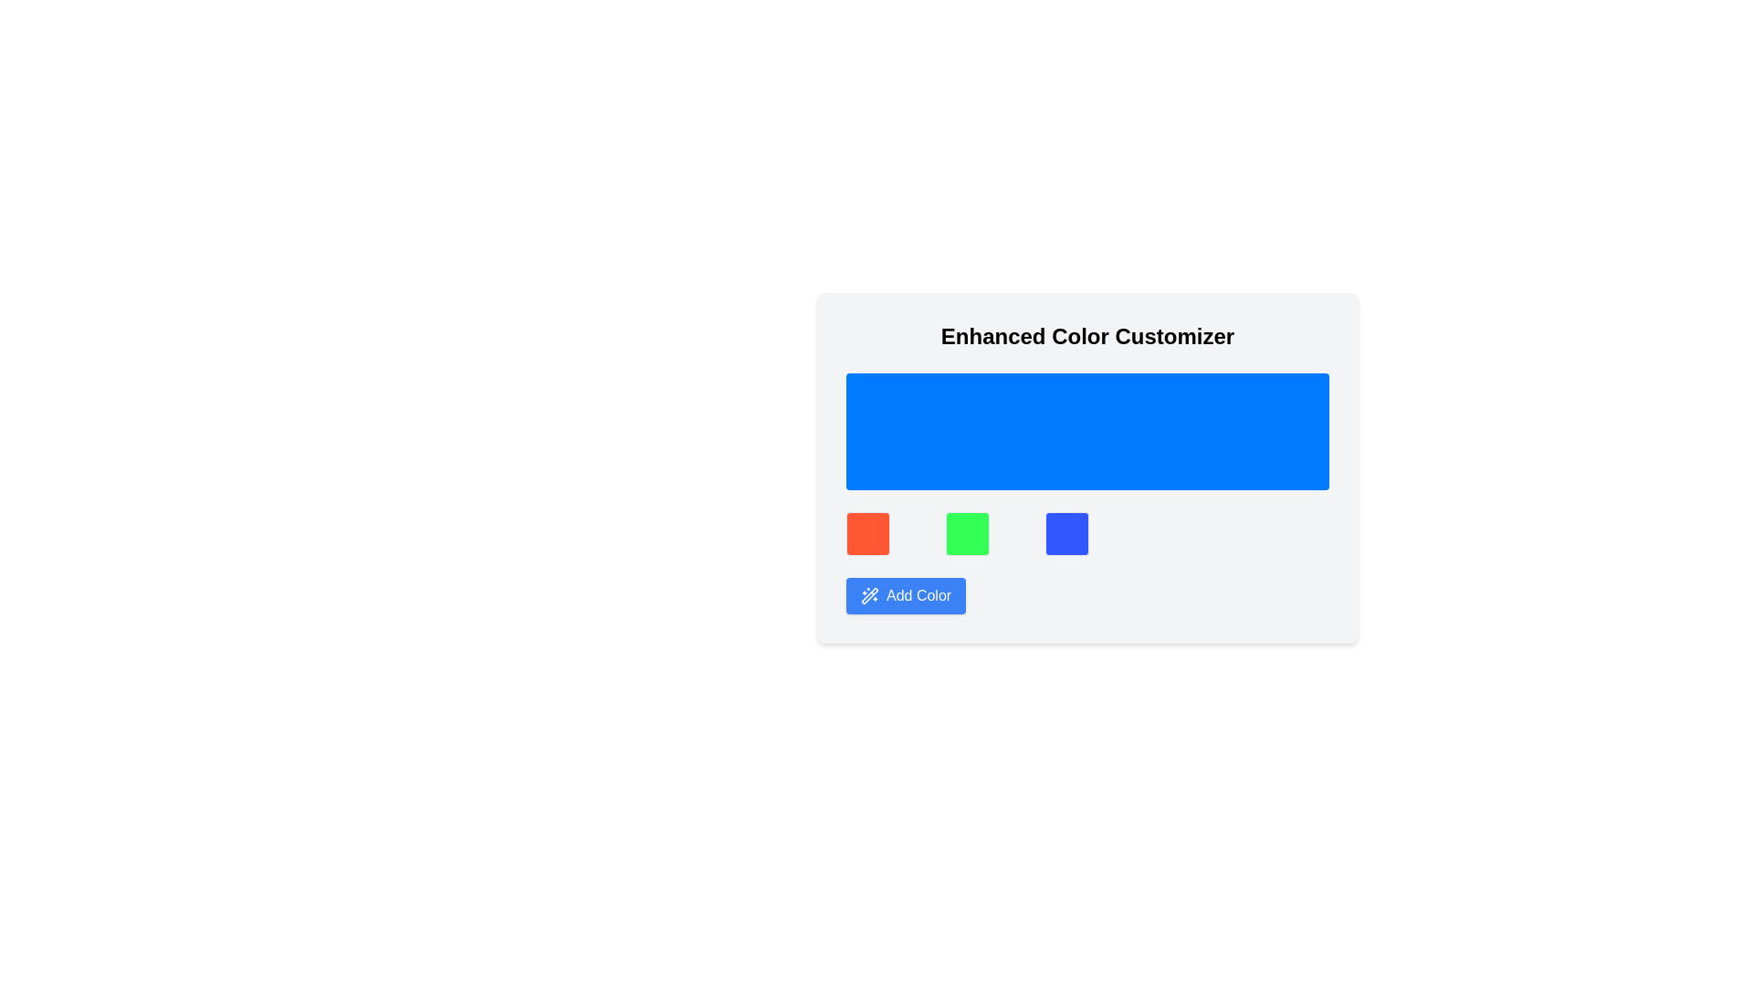  Describe the element at coordinates (869, 595) in the screenshot. I see `the magic wand icon with sparkles located to the left of the 'Add Color' text within the button below the color blocks` at that location.